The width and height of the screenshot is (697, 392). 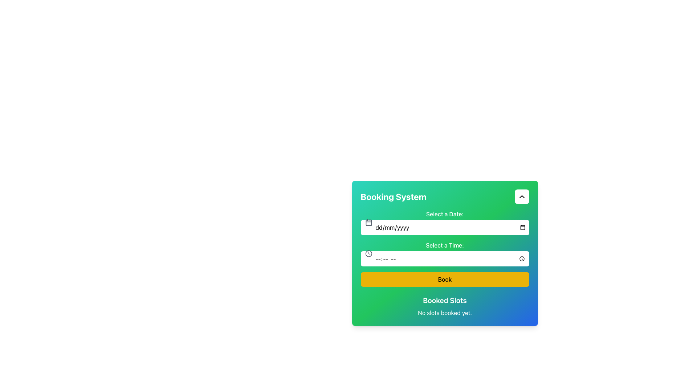 What do you see at coordinates (368, 222) in the screenshot?
I see `the calendar icon located to the left inside the date selection input field, which features a square outline and a smaller calendar shape inside` at bounding box center [368, 222].